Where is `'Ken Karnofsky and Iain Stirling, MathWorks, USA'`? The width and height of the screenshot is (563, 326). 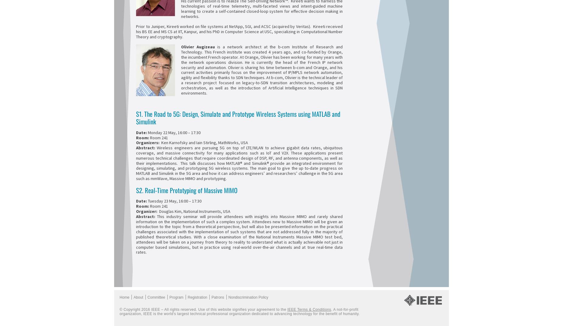
'Ken Karnofsky and Iain Stirling, MathWorks, USA' is located at coordinates (204, 142).